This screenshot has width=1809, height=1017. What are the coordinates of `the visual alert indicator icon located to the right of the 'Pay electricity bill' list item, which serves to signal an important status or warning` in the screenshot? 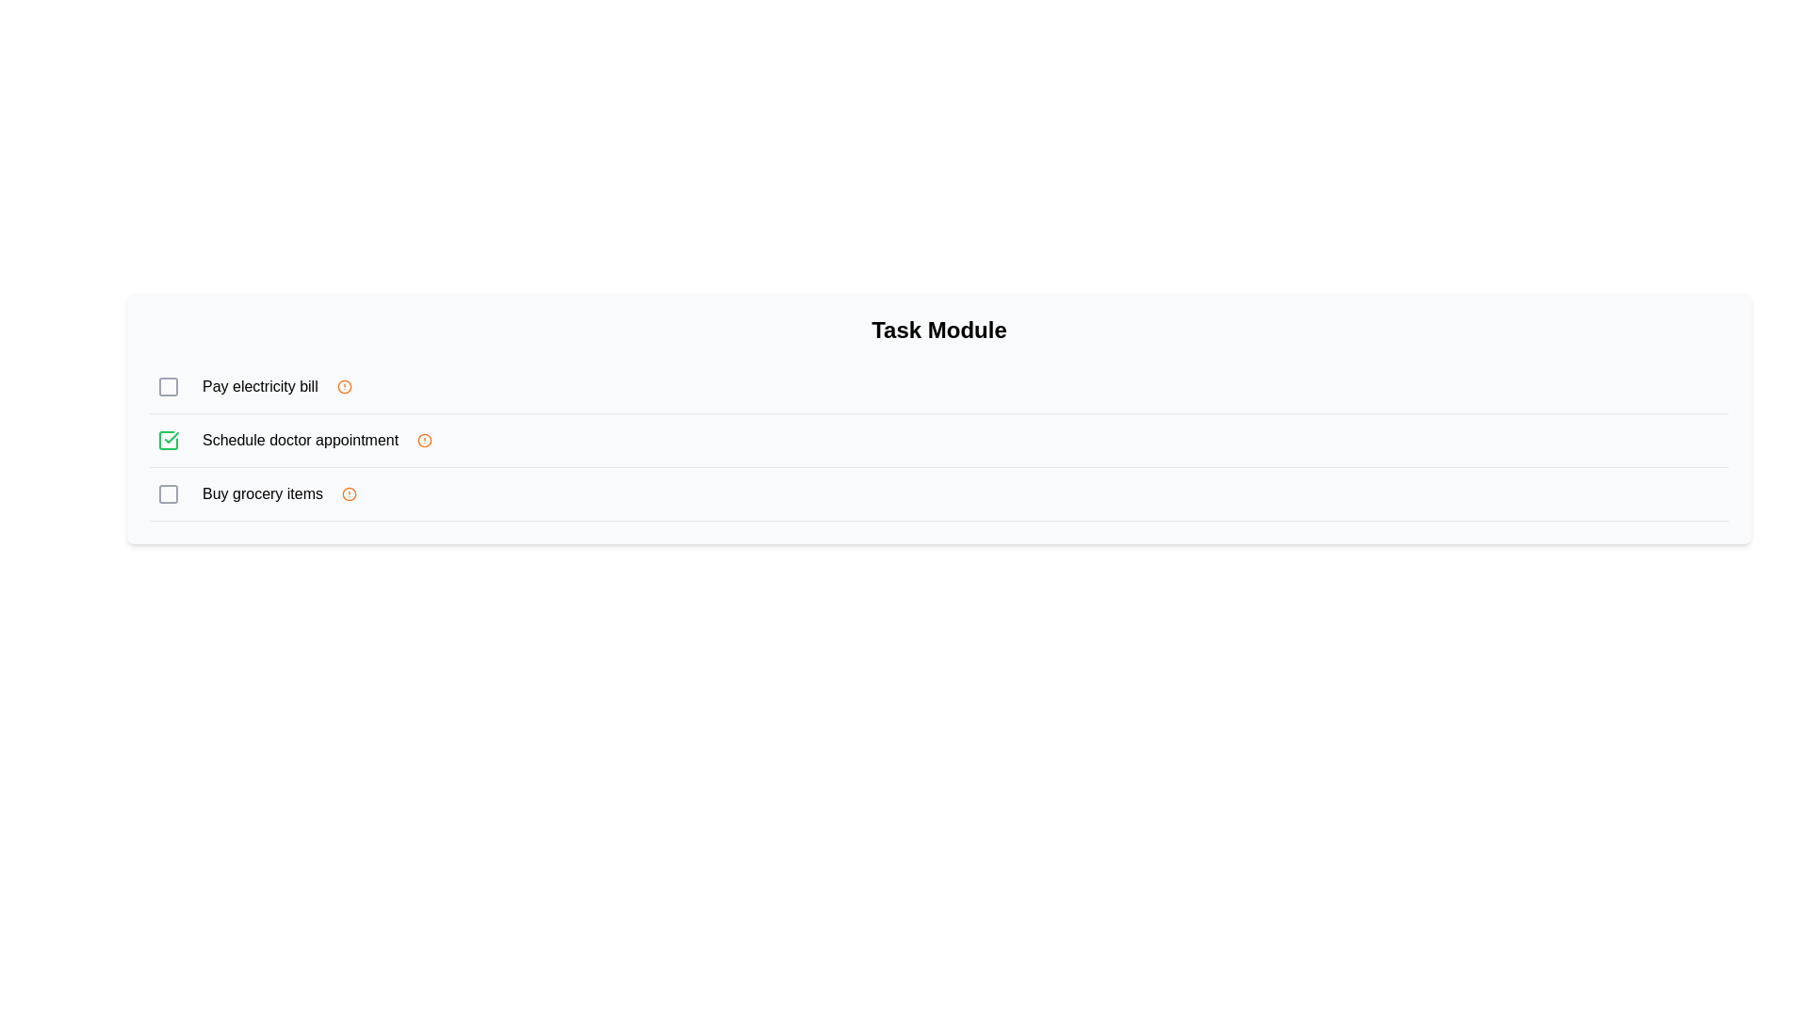 It's located at (424, 440).